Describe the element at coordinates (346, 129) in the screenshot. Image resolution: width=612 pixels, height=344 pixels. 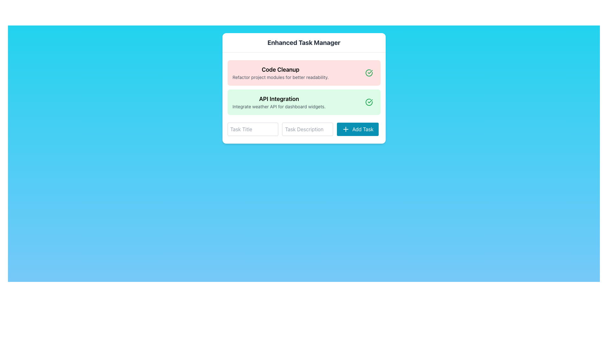
I see `the circular plus icon, which is styled with cyan color and white strokes, located within the 'Add Task' button` at that location.